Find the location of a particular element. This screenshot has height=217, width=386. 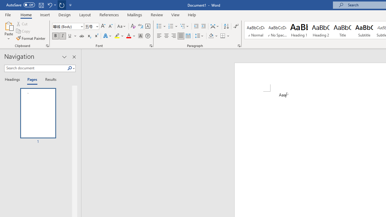

'Underline' is located at coordinates (72, 36).